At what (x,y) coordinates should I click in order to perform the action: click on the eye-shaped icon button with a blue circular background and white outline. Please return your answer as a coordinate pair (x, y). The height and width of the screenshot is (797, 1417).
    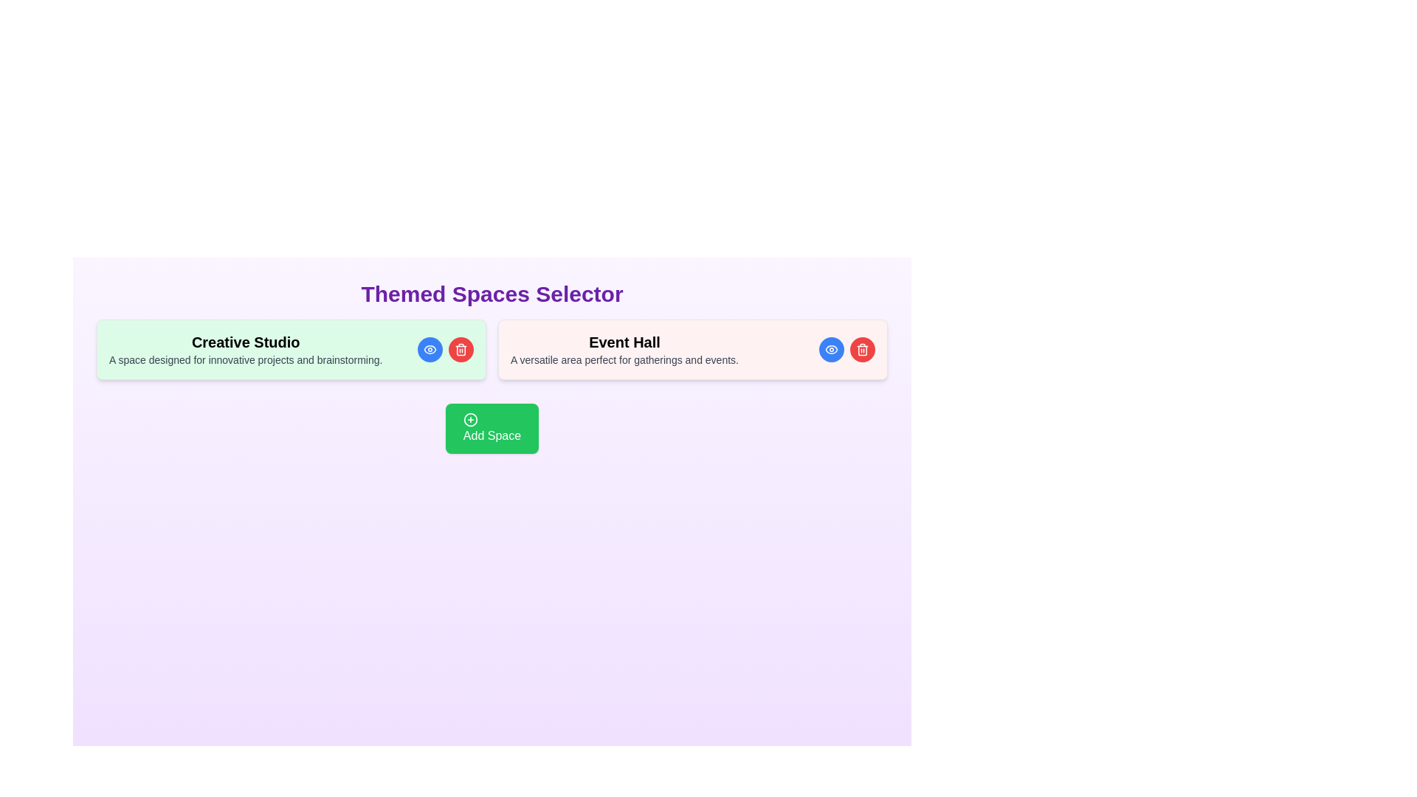
    Looking at the image, I should click on (832, 350).